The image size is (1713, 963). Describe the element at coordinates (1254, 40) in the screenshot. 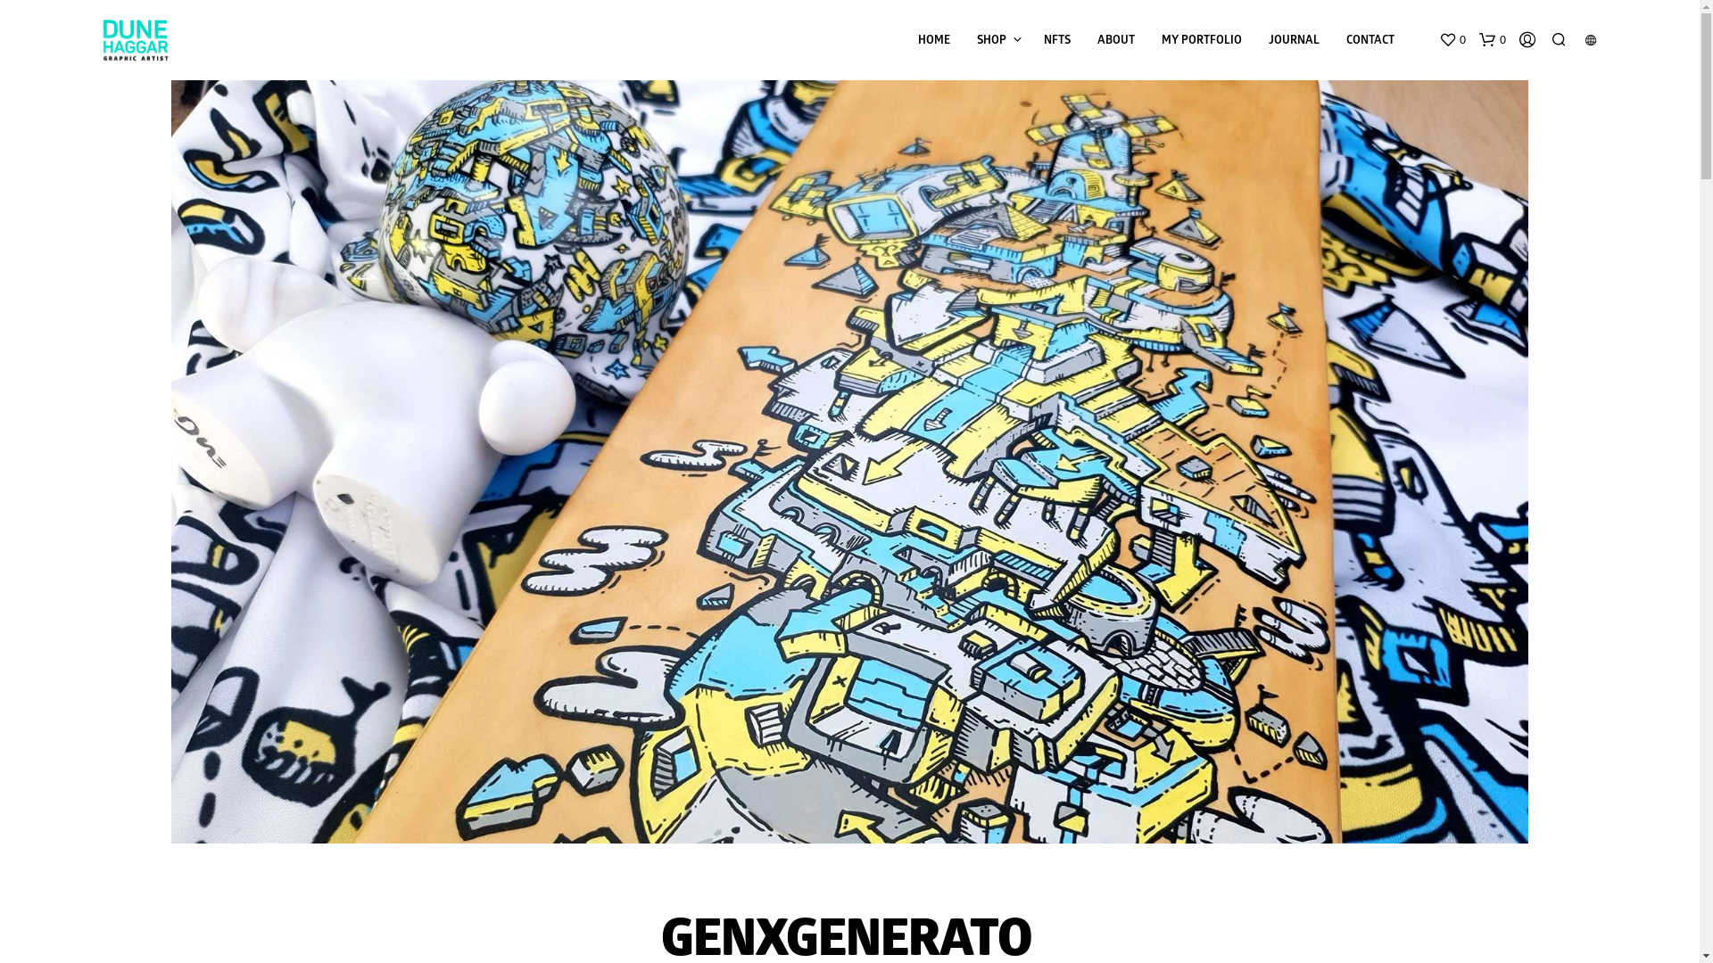

I see `'JOURNAL'` at that location.